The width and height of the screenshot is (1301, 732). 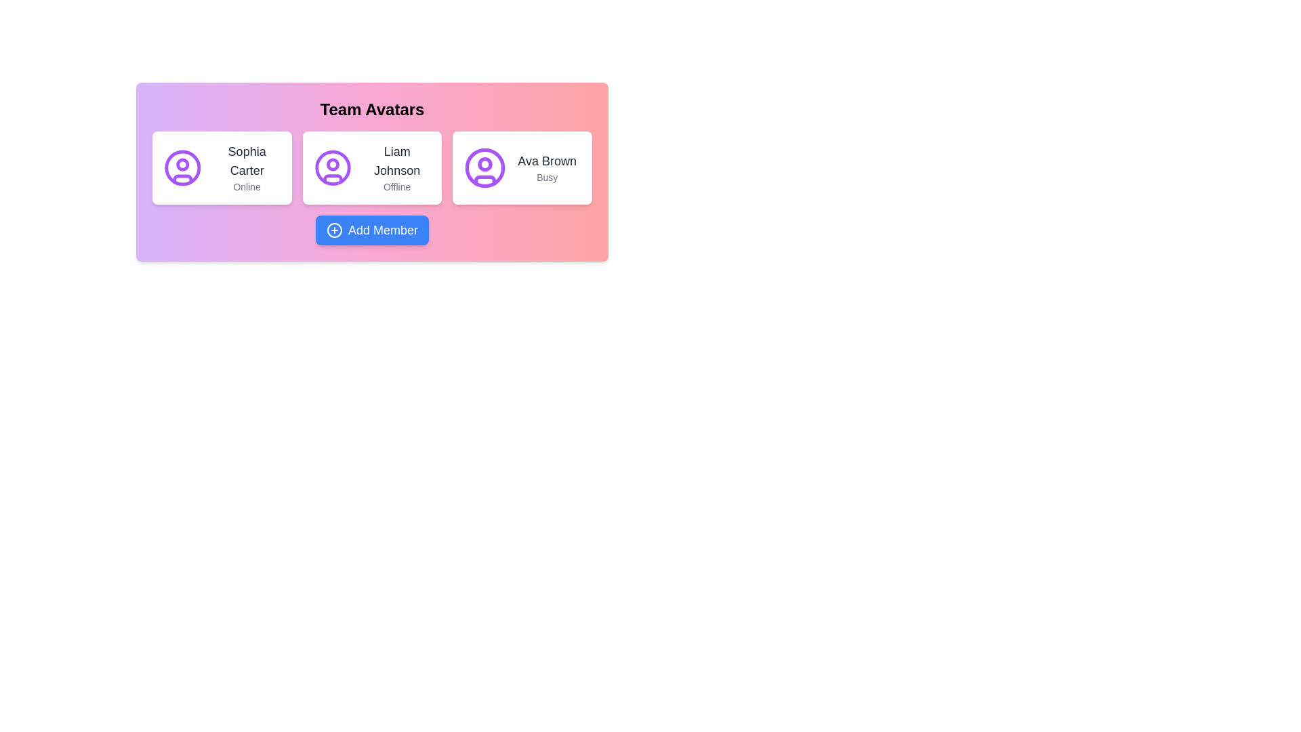 I want to click on the text label that reads 'Busy', which is styled in small gray font and located beneath 'Ava Brown' in the rightmost card of the 'Team Avatars' section, so click(x=547, y=177).